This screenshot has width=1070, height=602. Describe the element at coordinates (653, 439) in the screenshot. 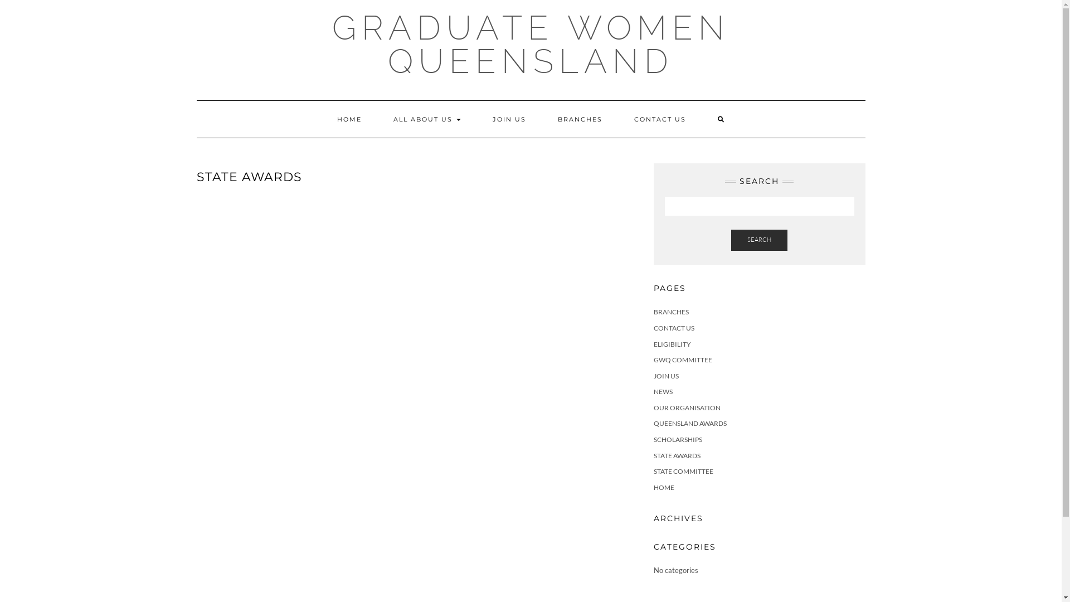

I see `'SCHOLARSHIPS'` at that location.